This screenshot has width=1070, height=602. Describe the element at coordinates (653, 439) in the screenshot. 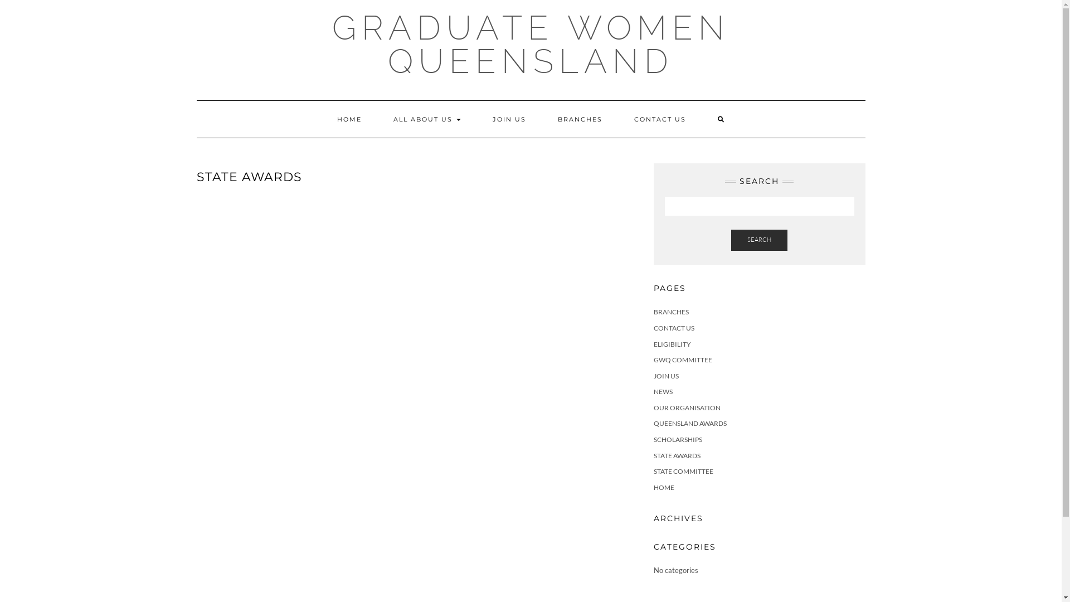

I see `'SCHOLARSHIPS'` at that location.